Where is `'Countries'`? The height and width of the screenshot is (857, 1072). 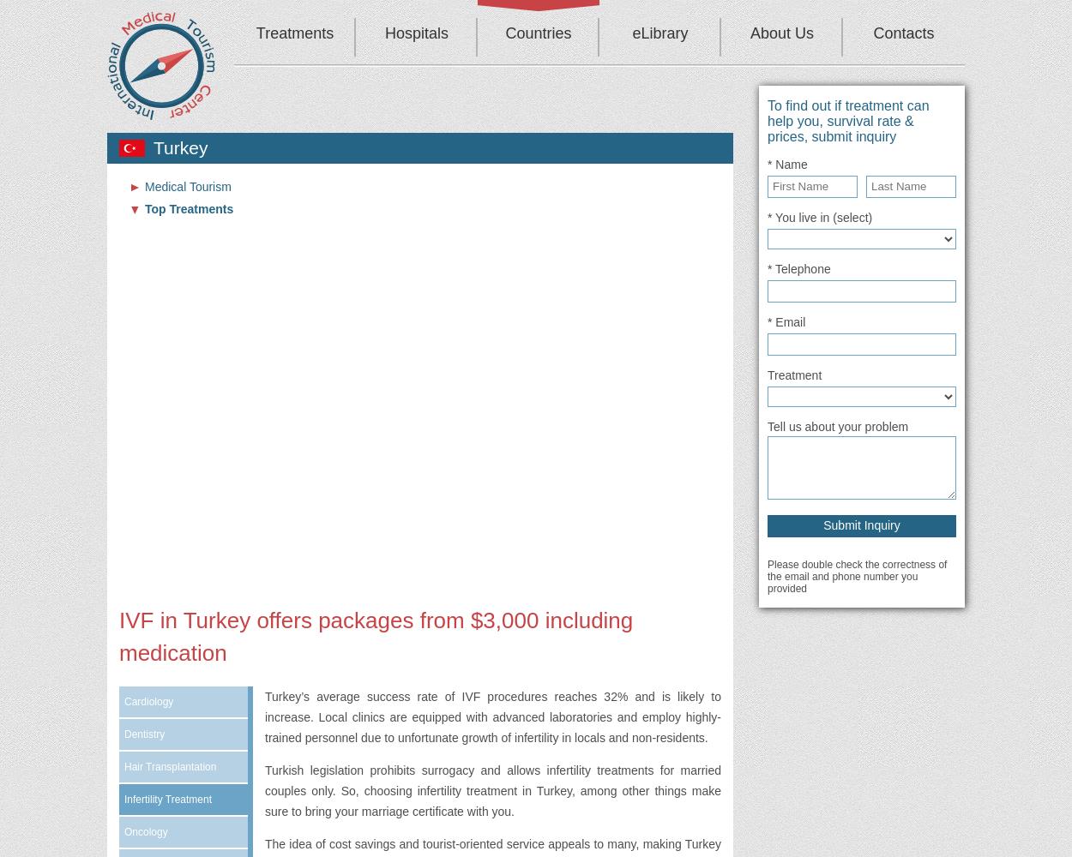
'Countries' is located at coordinates (538, 33).